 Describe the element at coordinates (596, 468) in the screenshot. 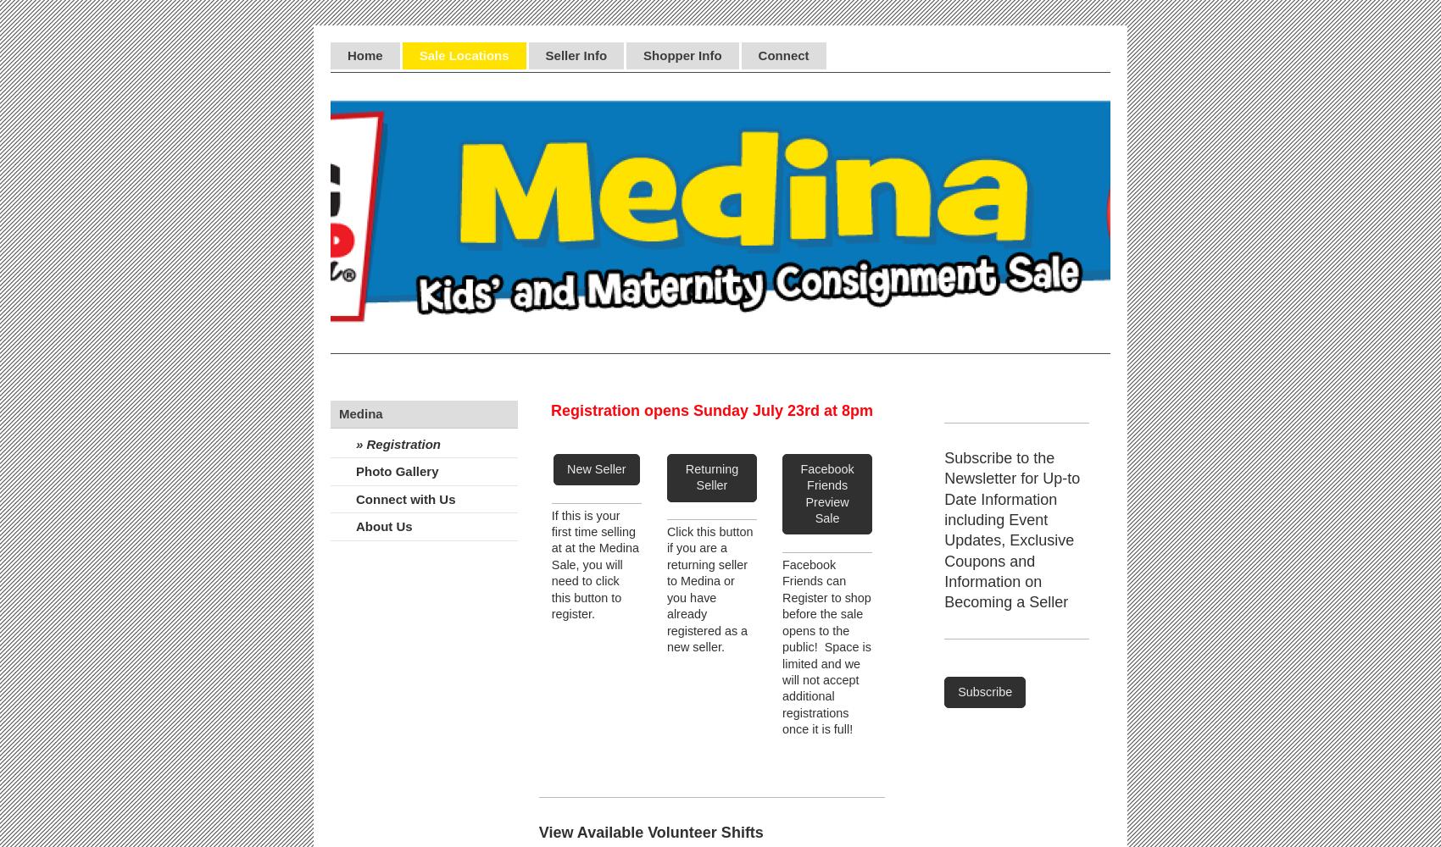

I see `'New Seller'` at that location.